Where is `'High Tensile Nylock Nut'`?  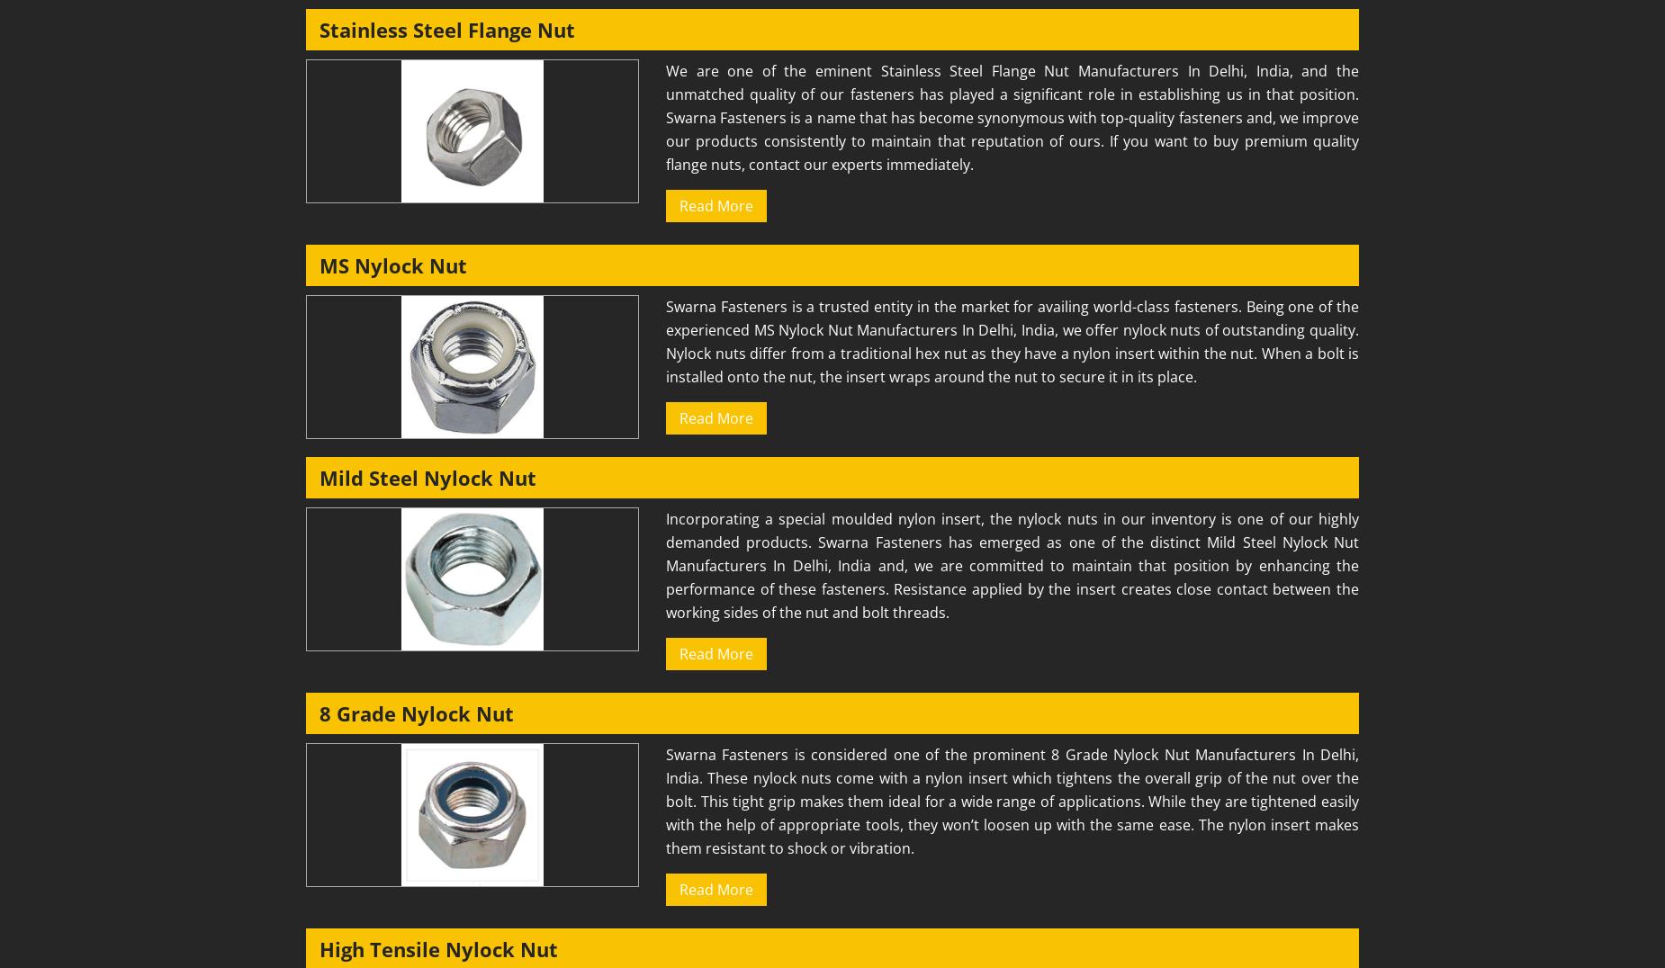 'High Tensile Nylock Nut' is located at coordinates (319, 949).